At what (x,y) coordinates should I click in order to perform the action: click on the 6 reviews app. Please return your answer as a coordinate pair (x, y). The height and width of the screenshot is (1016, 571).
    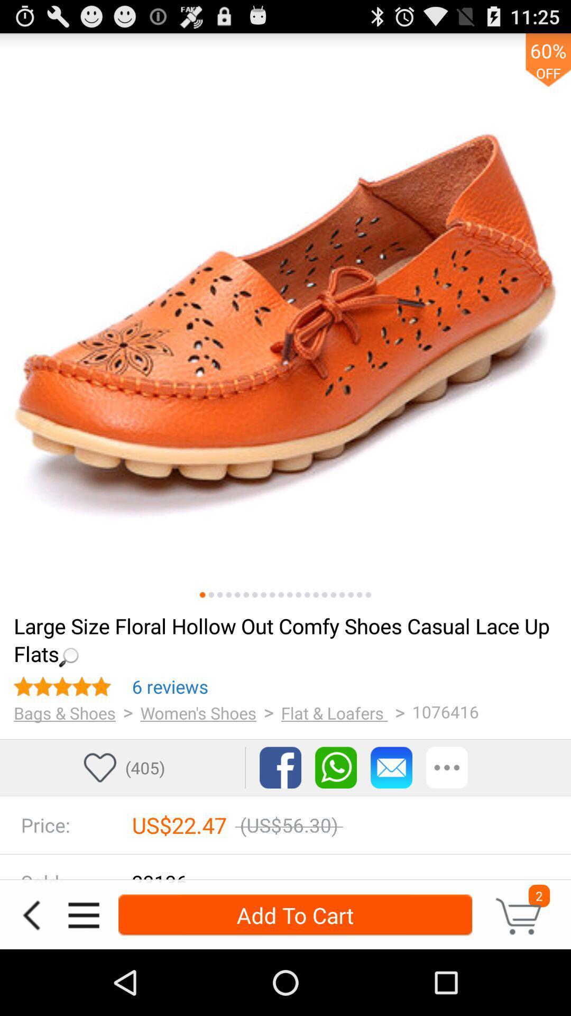
    Looking at the image, I should click on (170, 686).